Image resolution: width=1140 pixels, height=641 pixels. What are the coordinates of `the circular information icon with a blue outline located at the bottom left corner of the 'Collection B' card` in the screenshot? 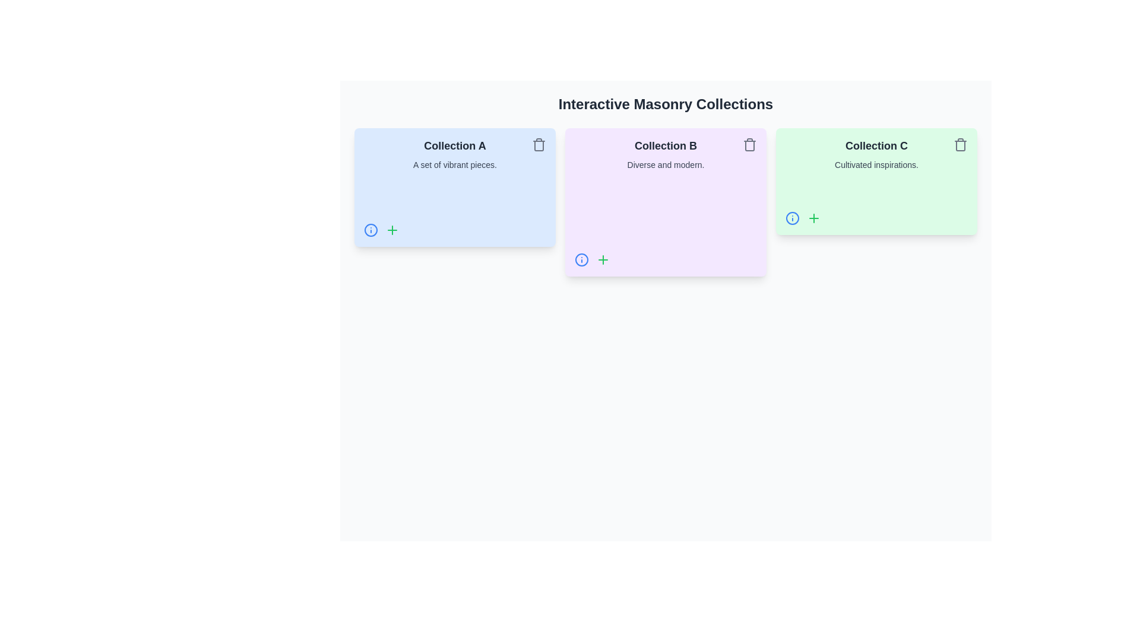 It's located at (581, 259).